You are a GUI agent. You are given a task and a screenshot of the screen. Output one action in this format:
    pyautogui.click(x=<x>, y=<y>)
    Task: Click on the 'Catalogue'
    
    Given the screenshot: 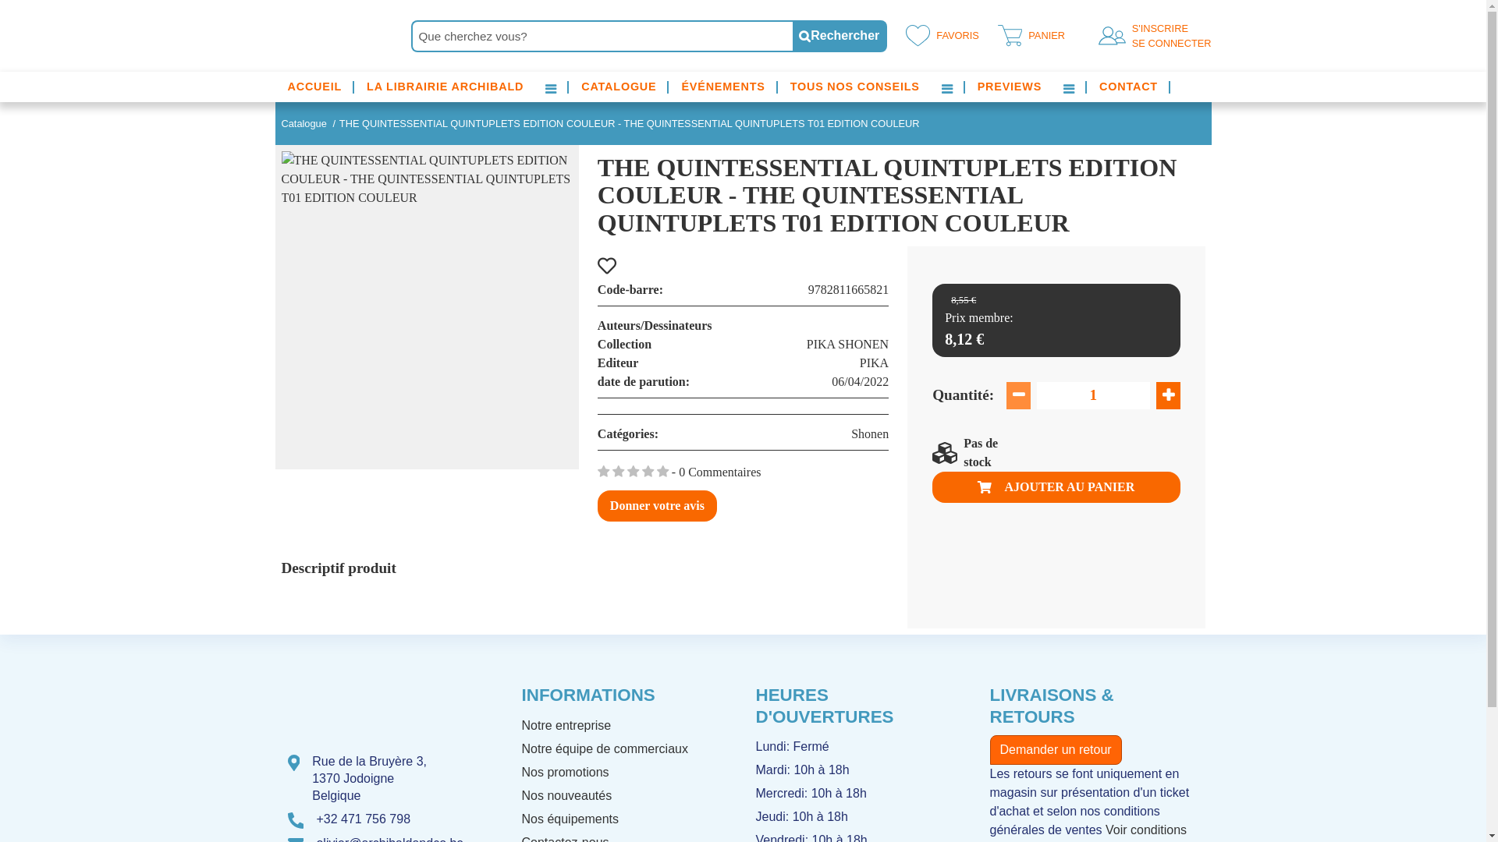 What is the action you would take?
    pyautogui.click(x=303, y=122)
    